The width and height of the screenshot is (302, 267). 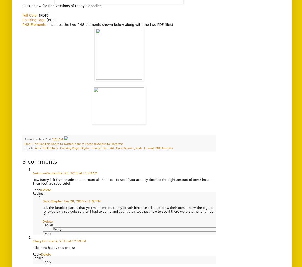 I want to click on 'September 28, 2015 at 11:43 AM', so click(x=46, y=173).